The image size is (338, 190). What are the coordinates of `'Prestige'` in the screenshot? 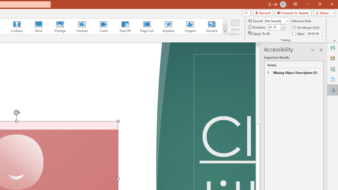 It's located at (60, 26).